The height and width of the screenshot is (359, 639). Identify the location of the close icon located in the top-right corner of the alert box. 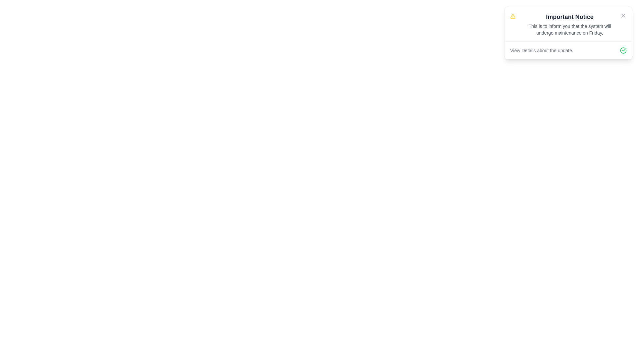
(623, 15).